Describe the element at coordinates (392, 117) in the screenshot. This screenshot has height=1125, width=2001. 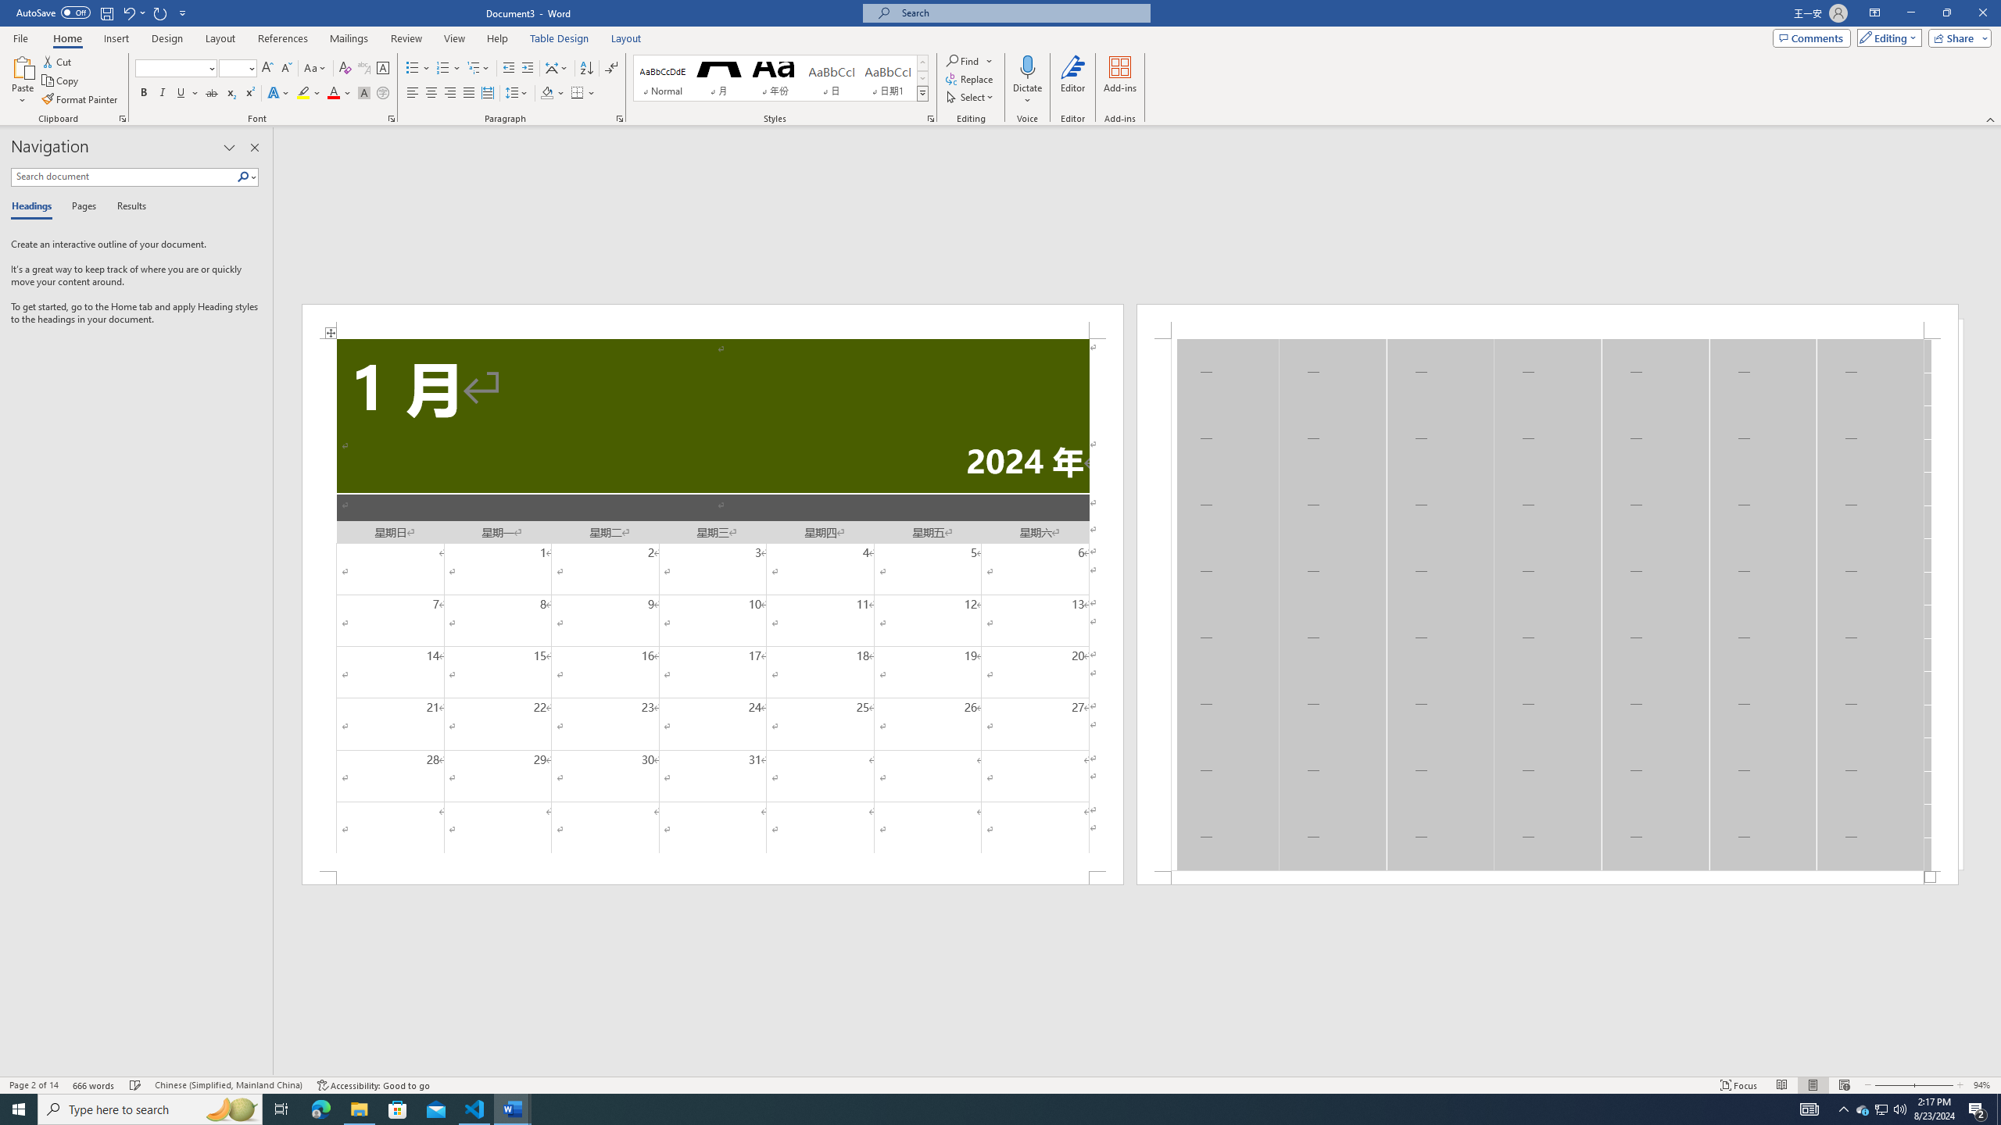
I see `'Font...'` at that location.